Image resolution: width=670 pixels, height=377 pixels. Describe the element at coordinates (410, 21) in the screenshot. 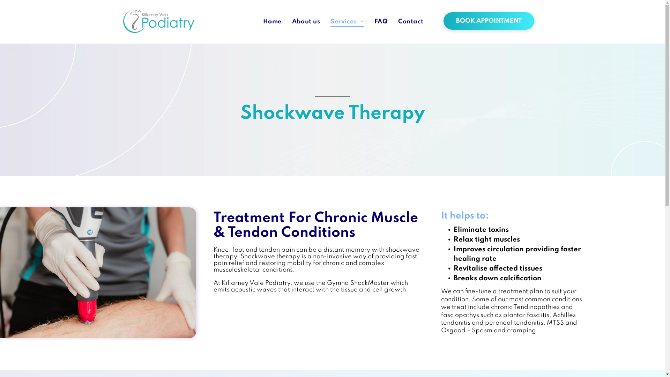

I see `'Contact'` at that location.